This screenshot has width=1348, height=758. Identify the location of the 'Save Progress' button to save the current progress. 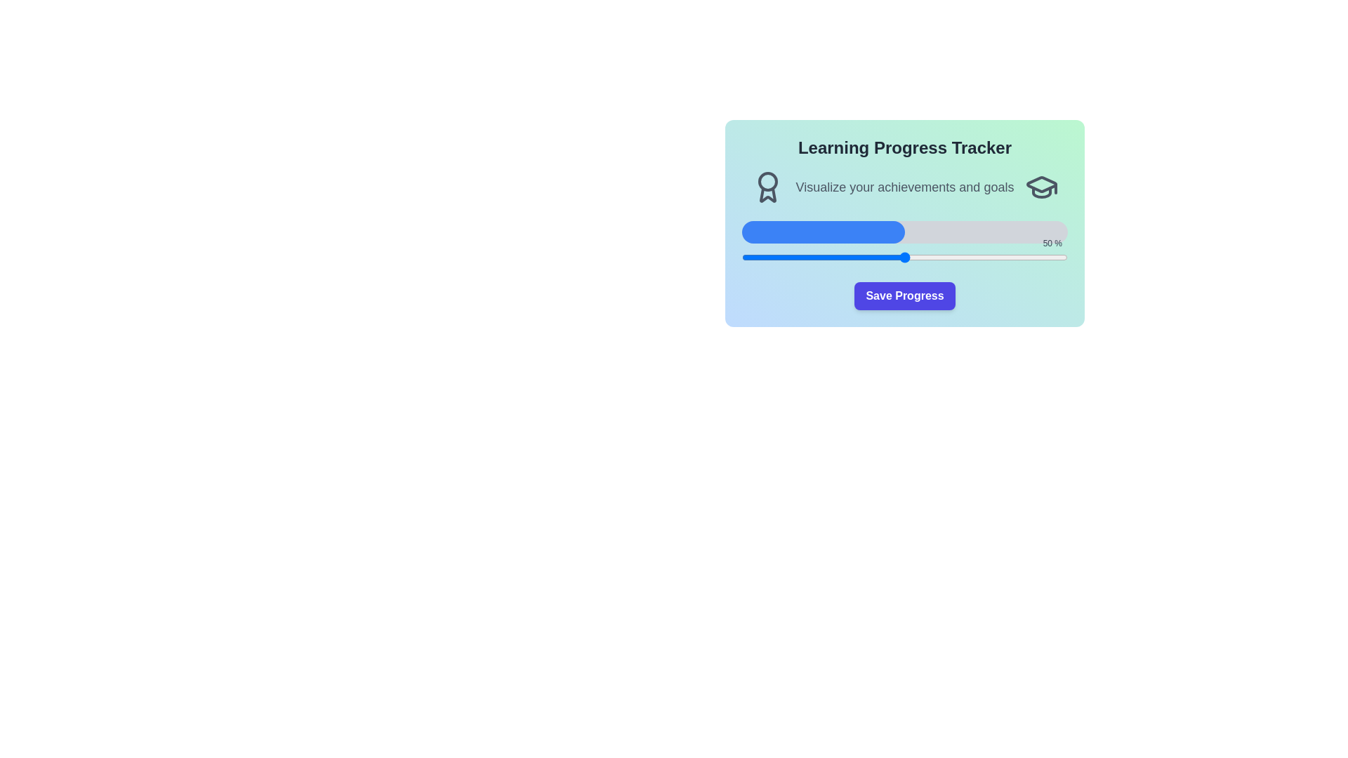
(905, 295).